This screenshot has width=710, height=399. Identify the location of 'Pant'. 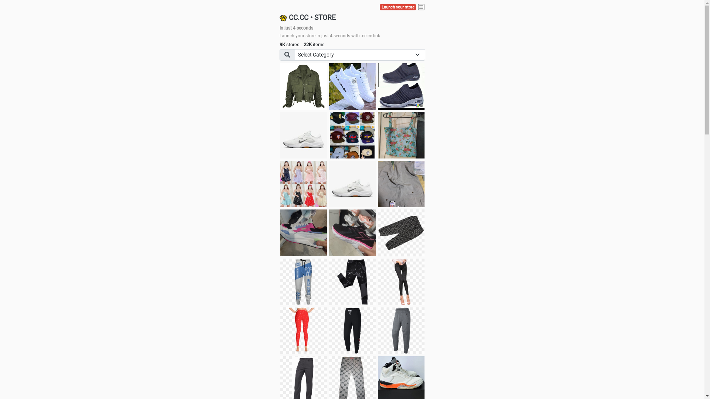
(303, 330).